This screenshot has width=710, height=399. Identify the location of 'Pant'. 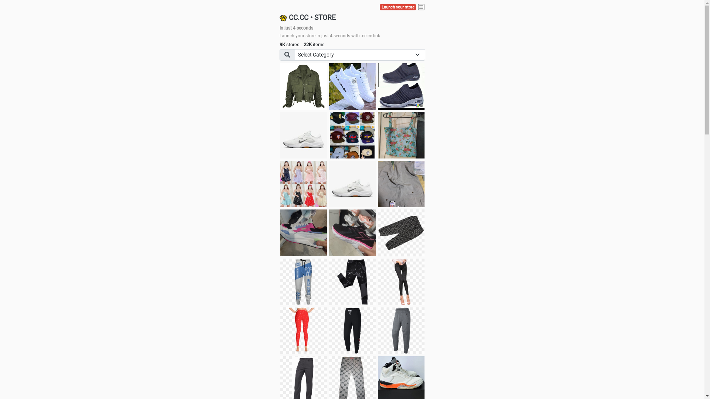
(303, 330).